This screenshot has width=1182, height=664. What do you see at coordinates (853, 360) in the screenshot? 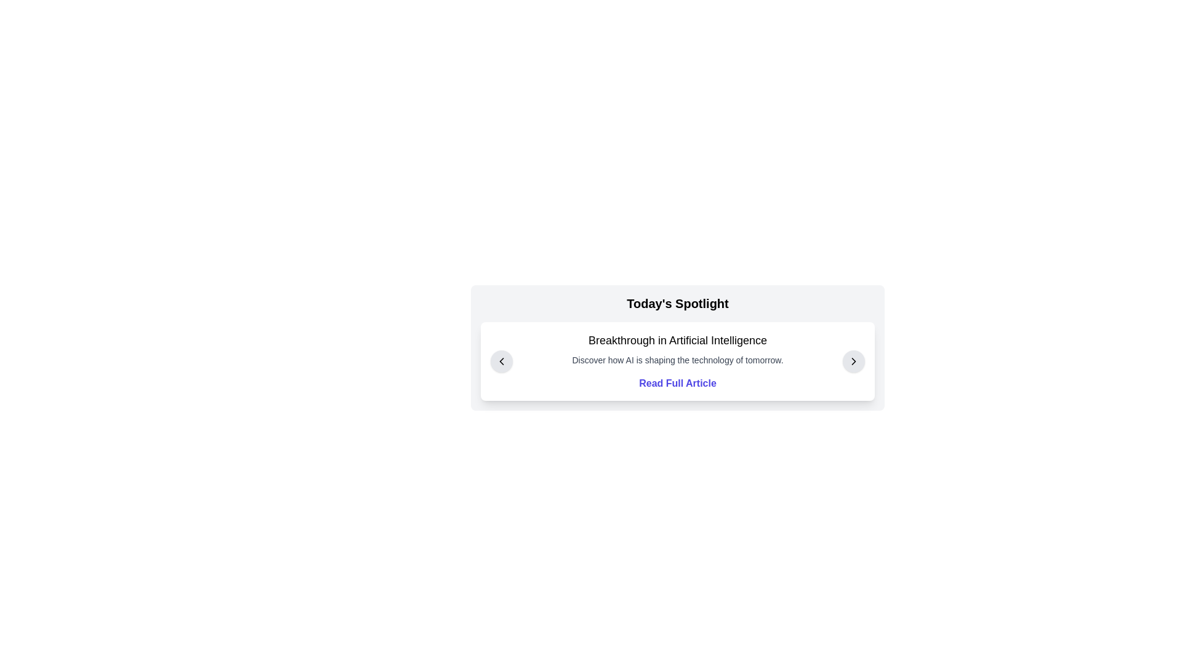
I see `the navigation button located on the right side of the carousel` at bounding box center [853, 360].